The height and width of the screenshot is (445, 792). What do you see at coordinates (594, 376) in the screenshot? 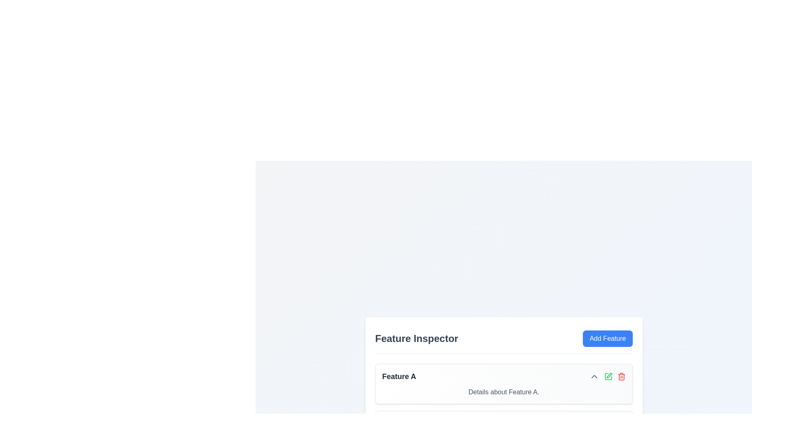
I see `the small gray up arrow icon button located to the left of the green edit icon in the horizontal group associated with 'Feature A'` at bounding box center [594, 376].